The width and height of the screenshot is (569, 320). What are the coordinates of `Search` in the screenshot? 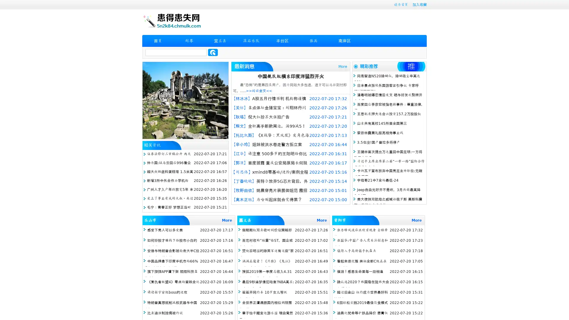 It's located at (213, 52).